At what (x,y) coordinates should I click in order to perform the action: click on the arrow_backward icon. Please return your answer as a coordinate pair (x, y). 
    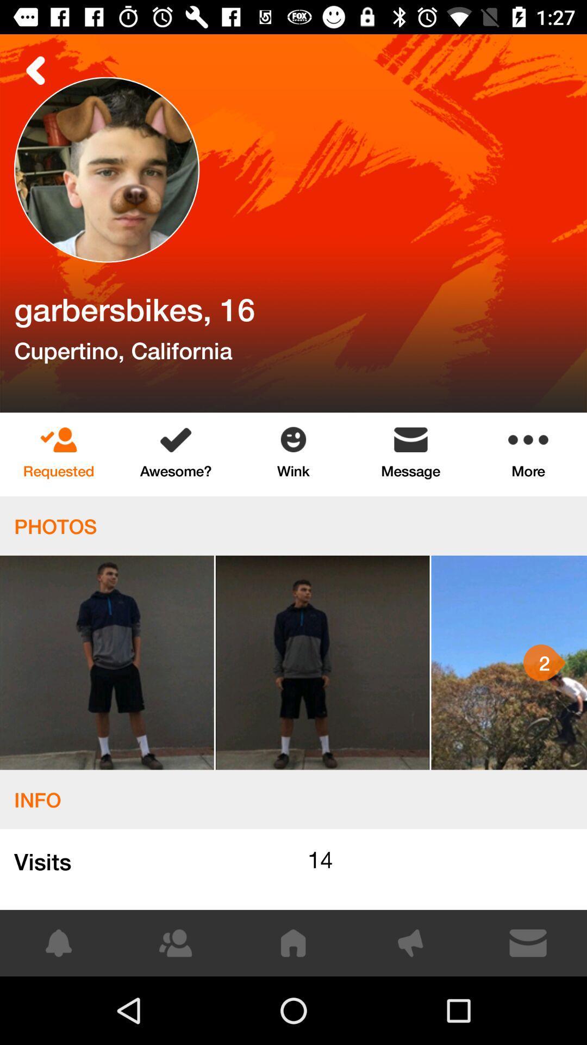
    Looking at the image, I should click on (35, 70).